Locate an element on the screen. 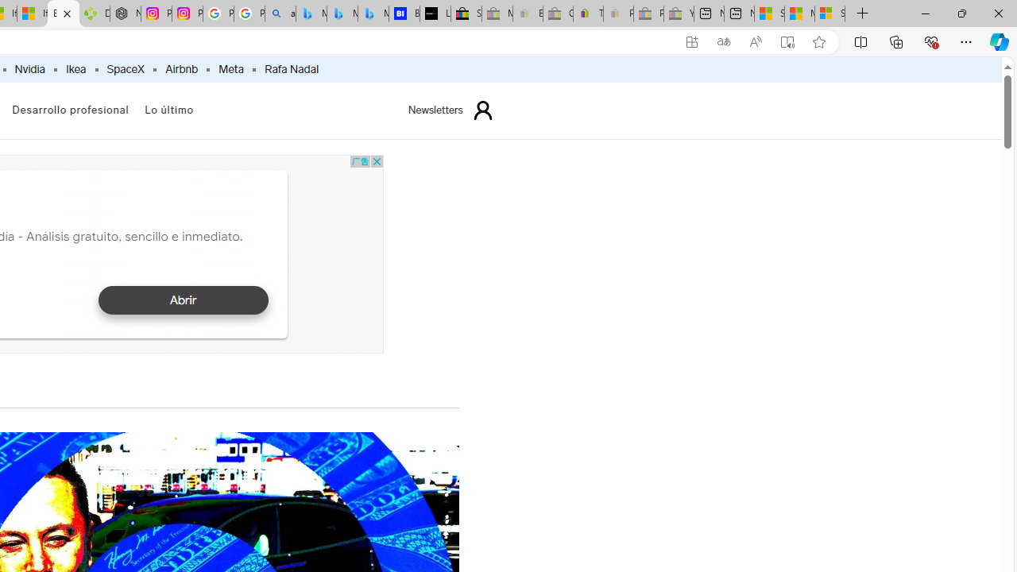  'Nvidia' is located at coordinates (29, 69).